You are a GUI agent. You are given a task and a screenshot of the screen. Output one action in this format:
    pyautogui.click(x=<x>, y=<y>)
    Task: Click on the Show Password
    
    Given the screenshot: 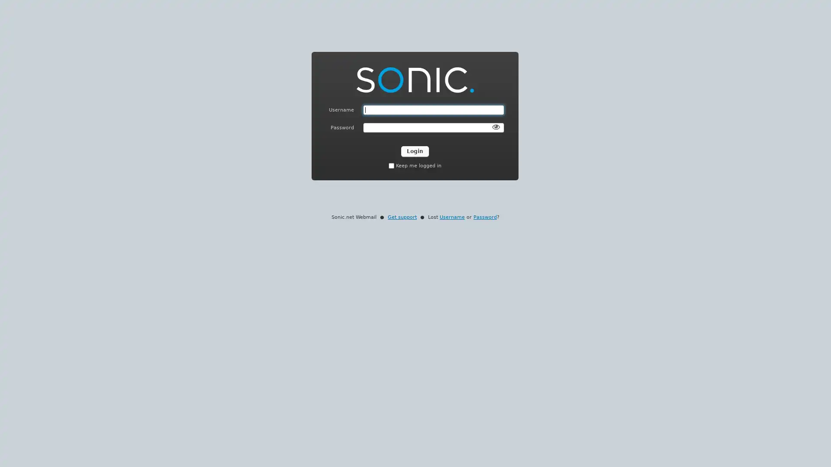 What is the action you would take?
    pyautogui.click(x=494, y=127)
    